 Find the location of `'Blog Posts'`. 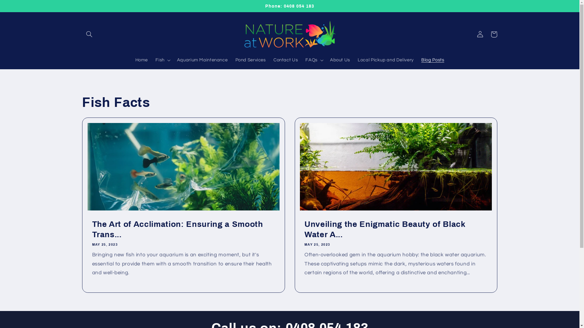

'Blog Posts' is located at coordinates (432, 60).